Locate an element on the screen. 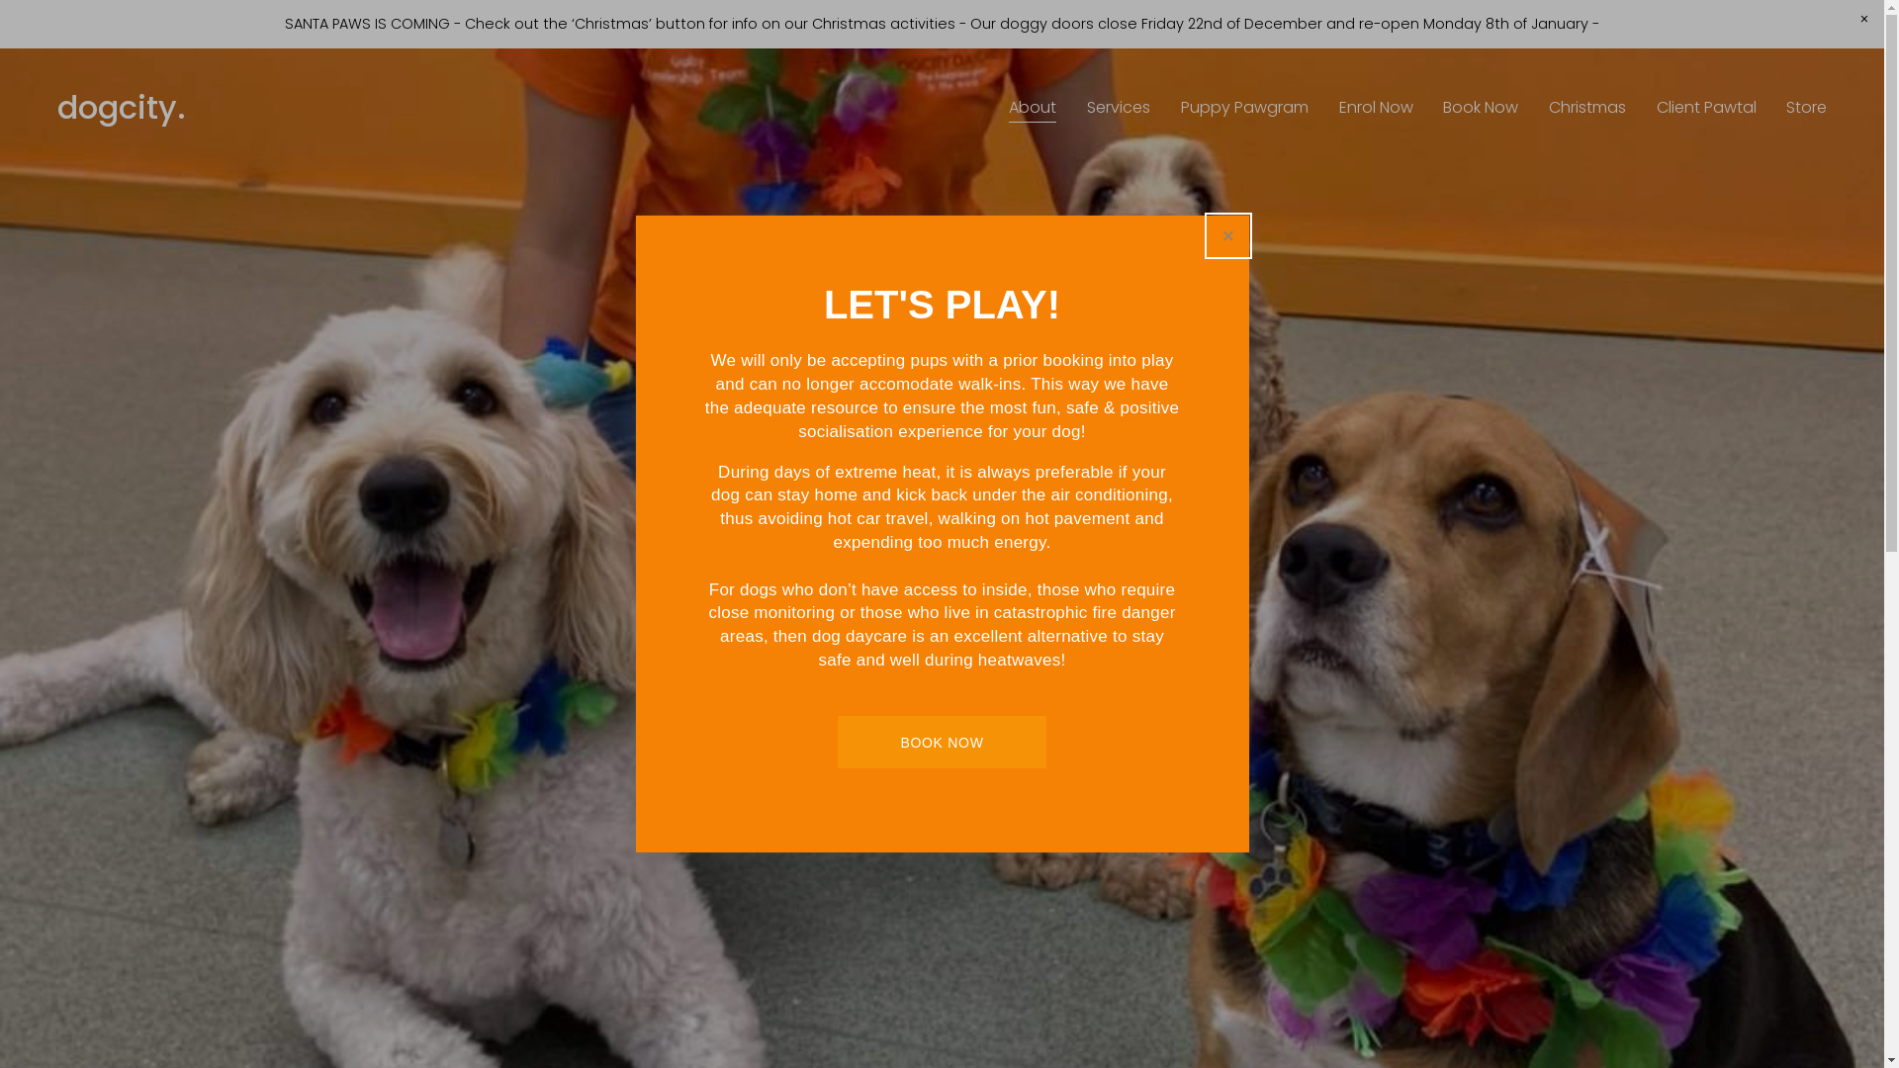 This screenshot has height=1068, width=1899. 'dogcity.' is located at coordinates (121, 107).